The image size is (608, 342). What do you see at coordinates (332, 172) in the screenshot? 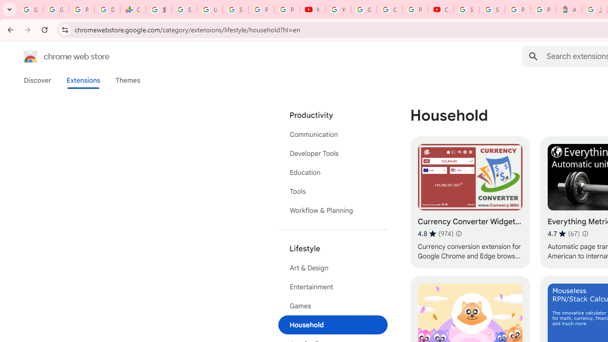
I see `'Education'` at bounding box center [332, 172].